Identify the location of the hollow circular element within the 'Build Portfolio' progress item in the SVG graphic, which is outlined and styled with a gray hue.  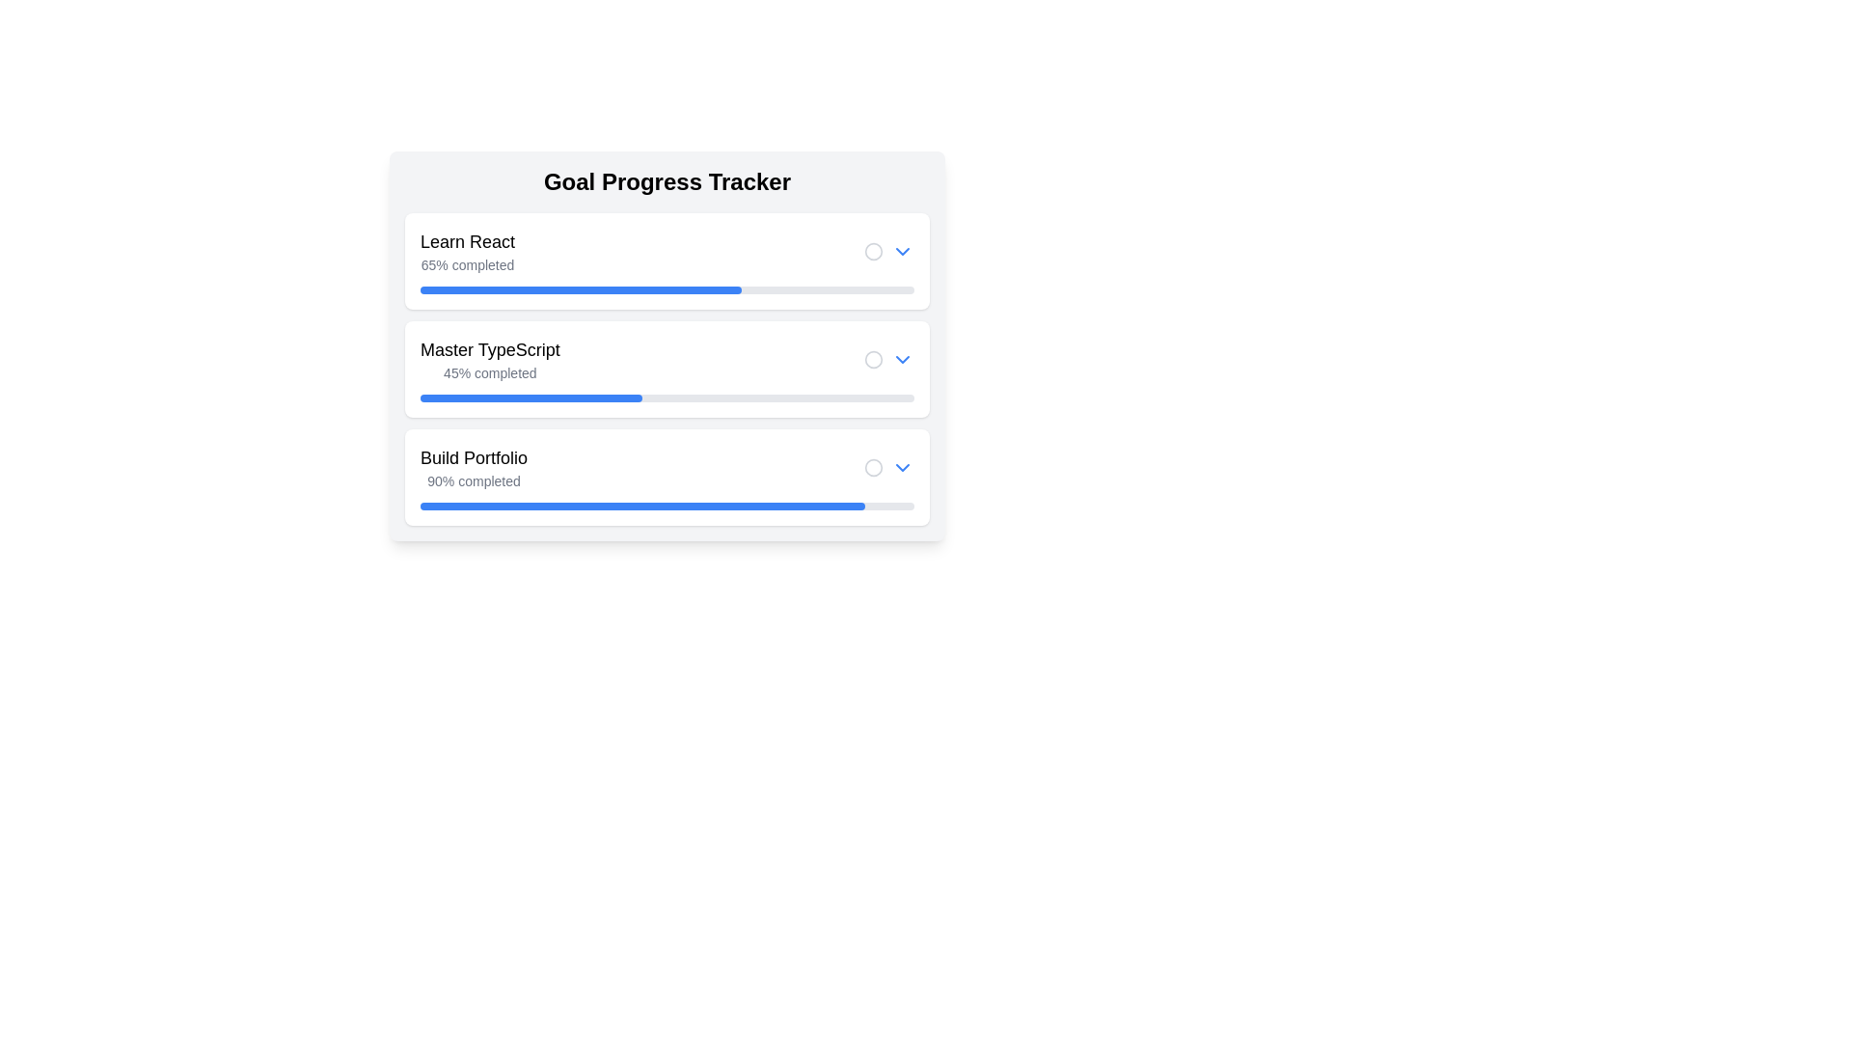
(873, 468).